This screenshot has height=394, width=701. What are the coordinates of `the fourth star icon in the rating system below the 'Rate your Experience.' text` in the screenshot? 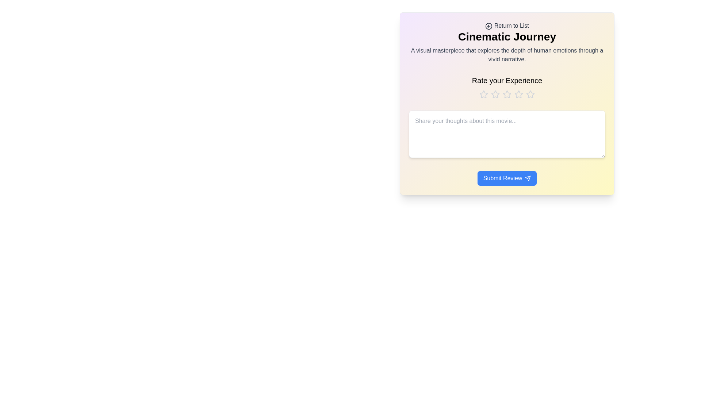 It's located at (518, 94).